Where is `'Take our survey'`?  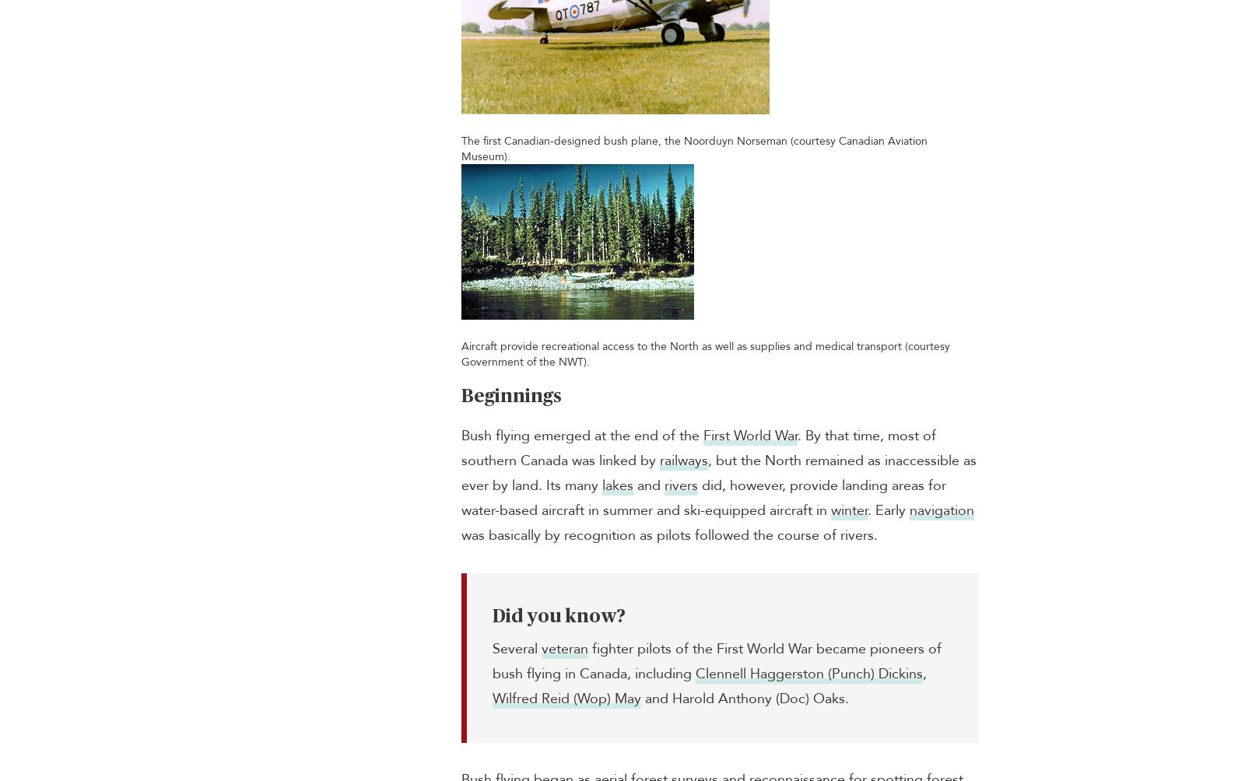 'Take our survey' is located at coordinates (902, 484).